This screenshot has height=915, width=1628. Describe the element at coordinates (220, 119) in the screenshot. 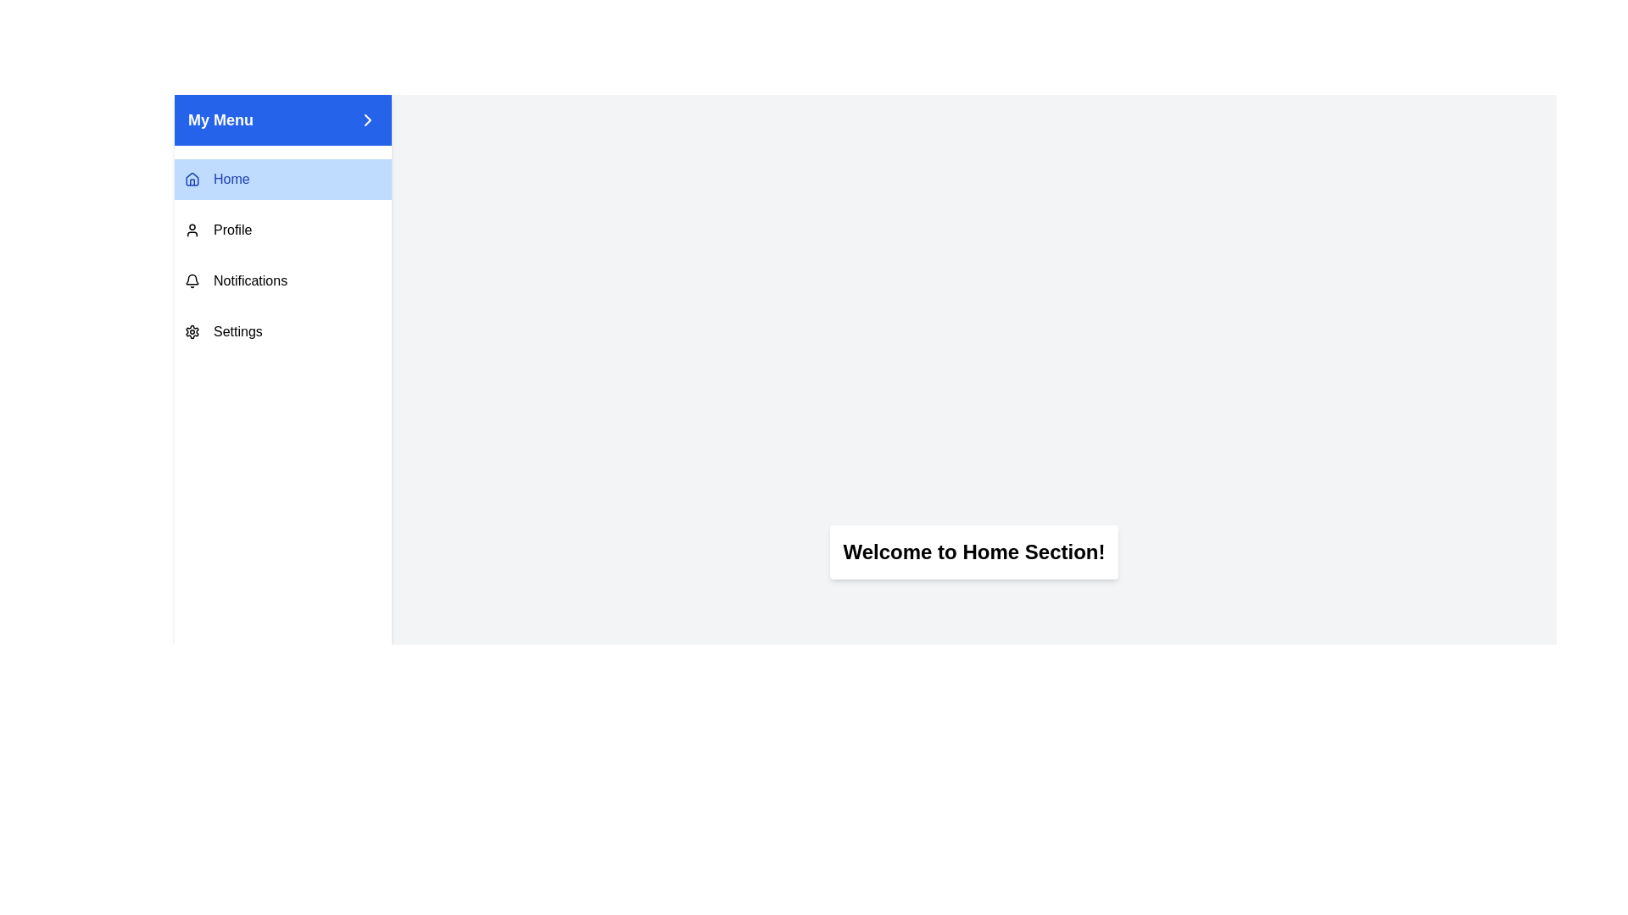

I see `bold text label displaying 'My Menu' which is centrally placed within the blue header bar at the top of the left sidebar` at that location.